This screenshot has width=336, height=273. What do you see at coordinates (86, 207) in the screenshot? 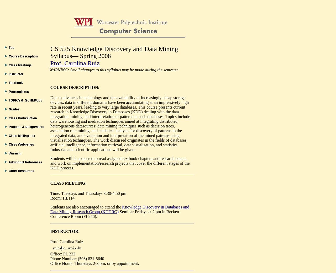
I see `'Students are also encouraged to attend the'` at bounding box center [86, 207].